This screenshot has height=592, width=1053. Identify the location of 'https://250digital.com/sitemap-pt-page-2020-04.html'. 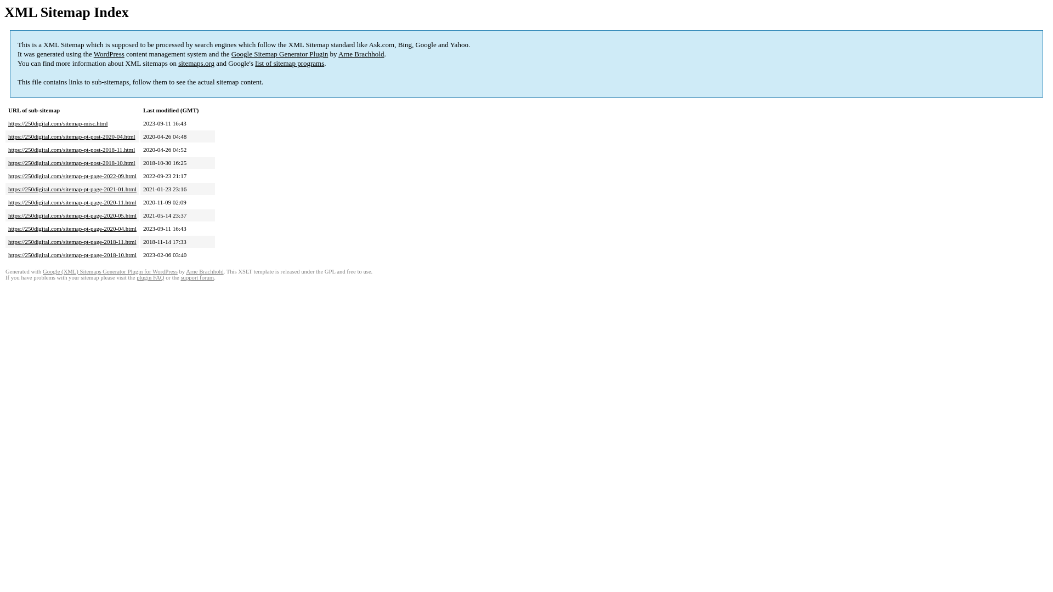
(72, 227).